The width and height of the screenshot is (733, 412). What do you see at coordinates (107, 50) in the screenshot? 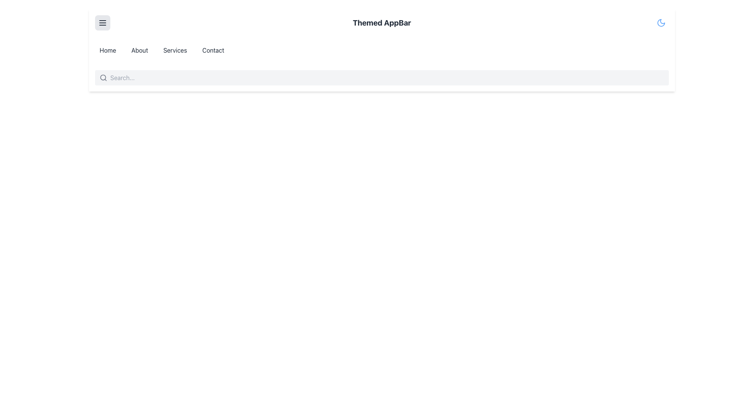
I see `the 'Home' text label located in the top-left corner of the navigation bar` at bounding box center [107, 50].